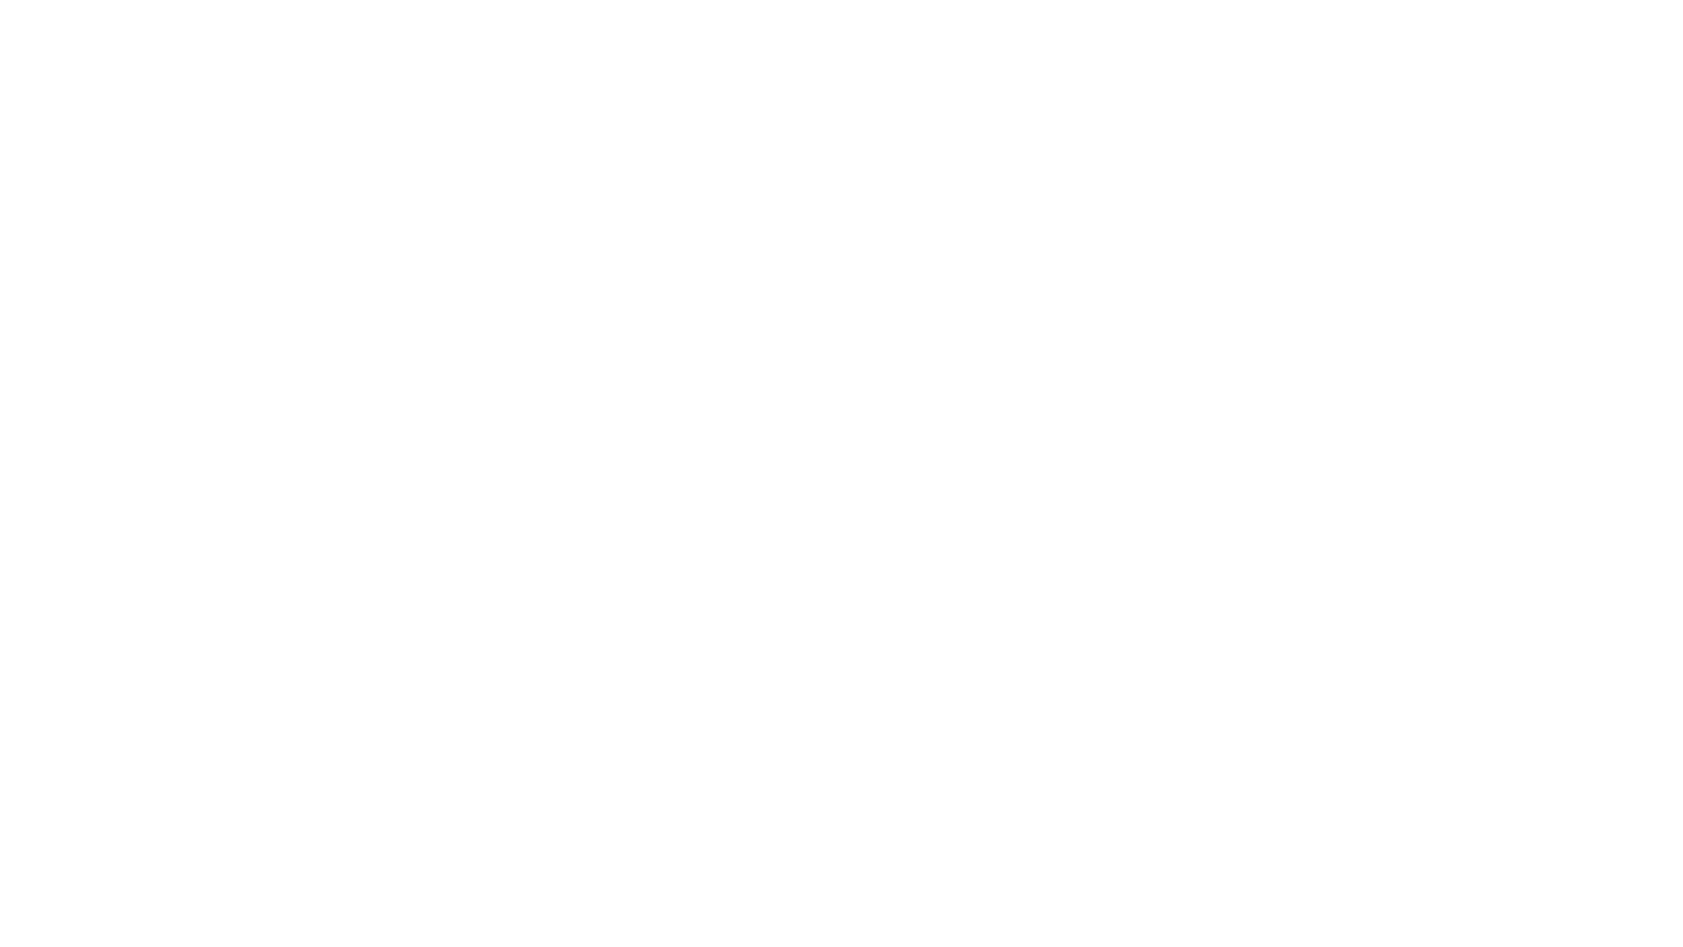  I want to click on Other Ecology and Evolutionary Biology, so click(1178, 894).